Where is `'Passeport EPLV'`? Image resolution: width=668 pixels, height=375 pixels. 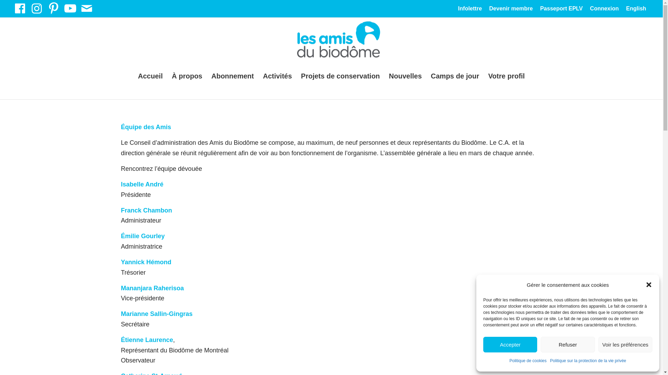
'Passeport EPLV' is located at coordinates (539, 9).